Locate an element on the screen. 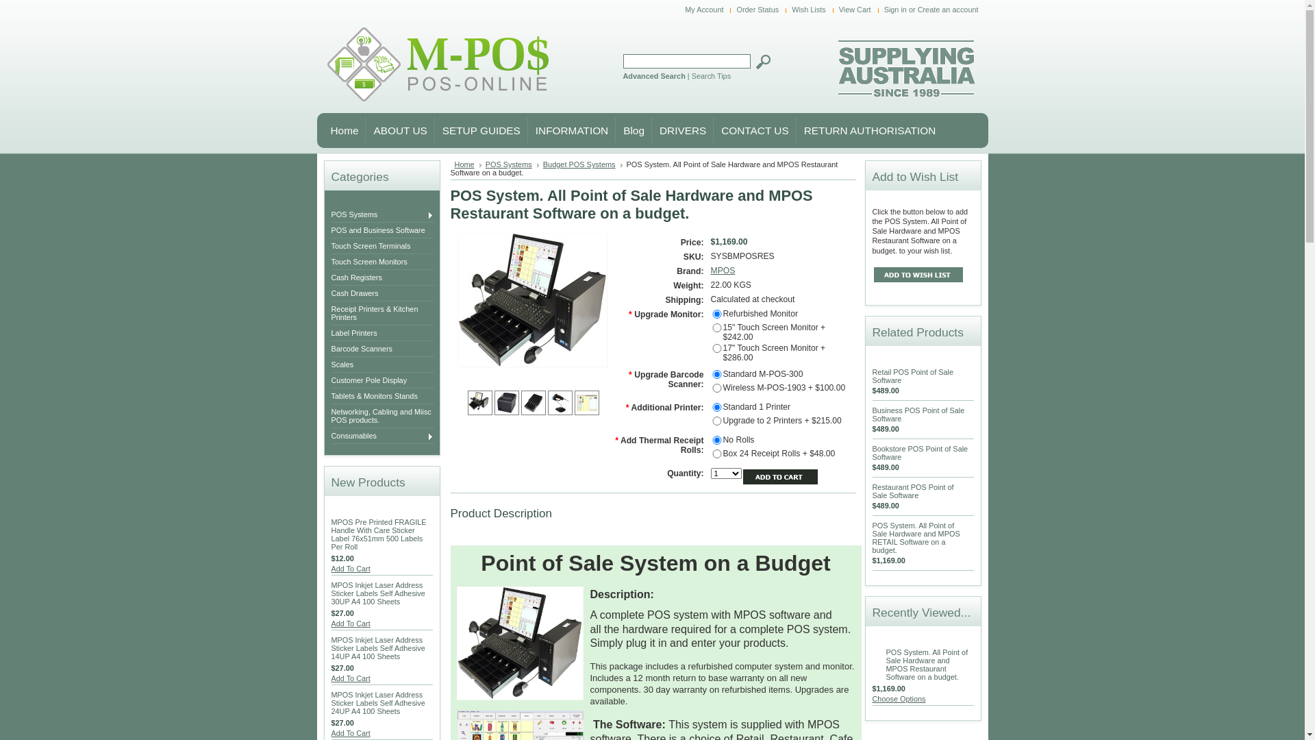 The height and width of the screenshot is (740, 1315). 'Receipt Printers & Kitchen Printers' is located at coordinates (384, 312).